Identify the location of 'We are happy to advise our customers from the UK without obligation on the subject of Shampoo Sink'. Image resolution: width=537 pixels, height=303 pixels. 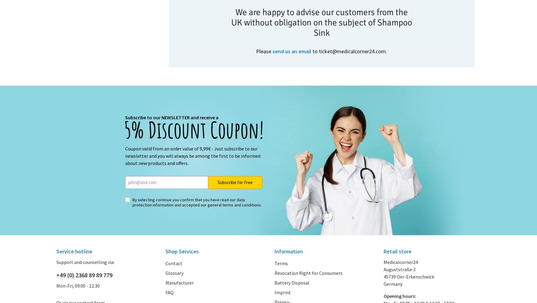
(321, 22).